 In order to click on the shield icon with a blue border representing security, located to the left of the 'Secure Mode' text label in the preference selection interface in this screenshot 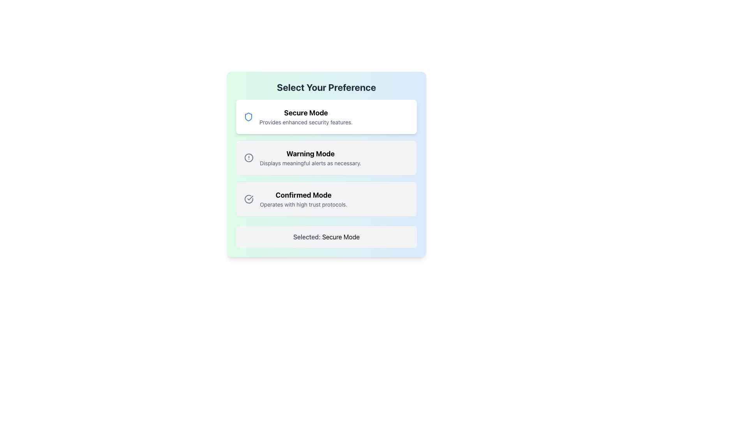, I will do `click(248, 117)`.